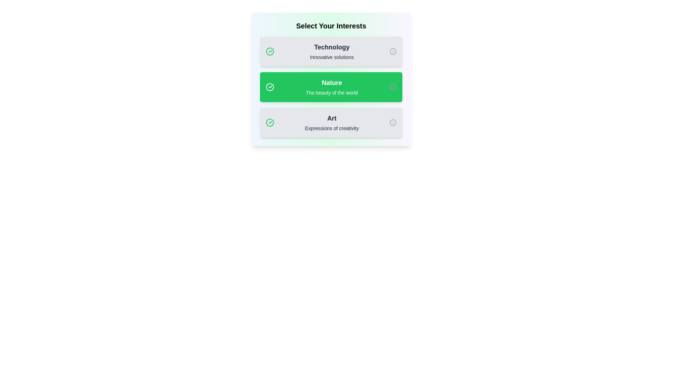 The width and height of the screenshot is (683, 384). Describe the element at coordinates (331, 87) in the screenshot. I see `the tag labeled Nature` at that location.